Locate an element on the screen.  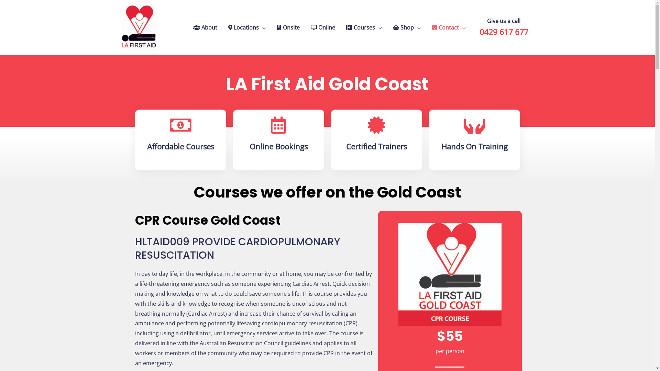
'HLTAID009 PROVIDE CARDIOPULMONARY RESUSCITATION' is located at coordinates (237, 248).